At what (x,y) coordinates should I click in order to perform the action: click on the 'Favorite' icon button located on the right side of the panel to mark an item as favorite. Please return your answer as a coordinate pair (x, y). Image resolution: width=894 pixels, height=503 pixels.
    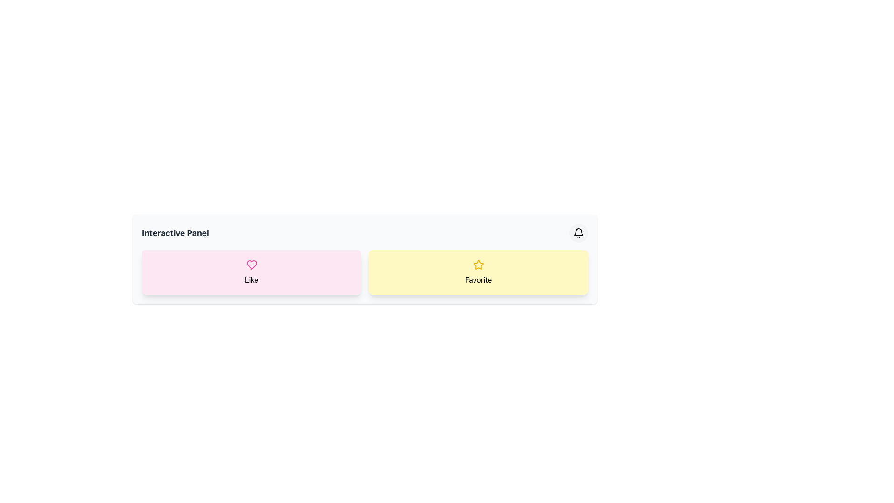
    Looking at the image, I should click on (478, 264).